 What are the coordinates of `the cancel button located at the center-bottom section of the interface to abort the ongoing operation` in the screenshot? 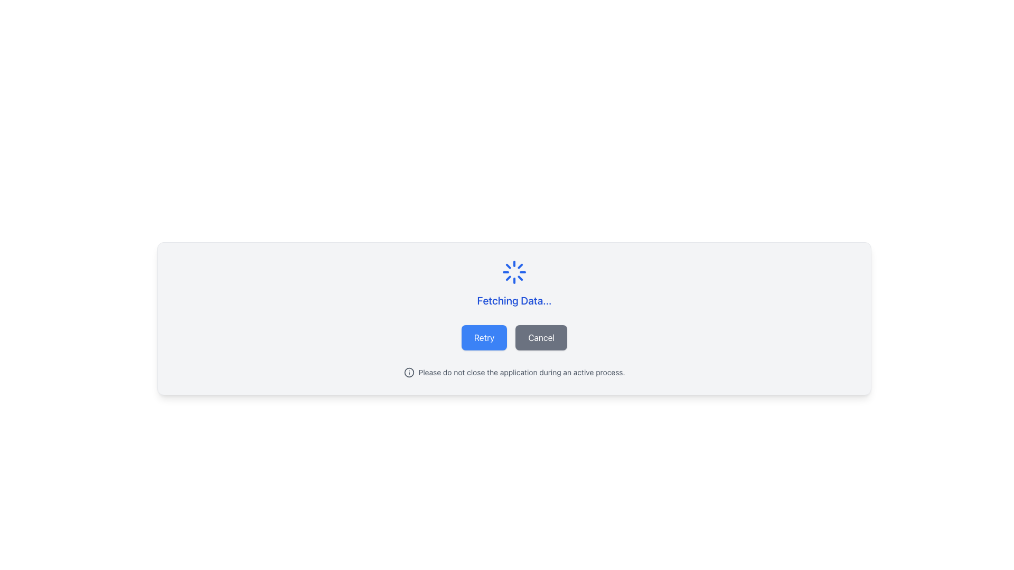 It's located at (541, 338).